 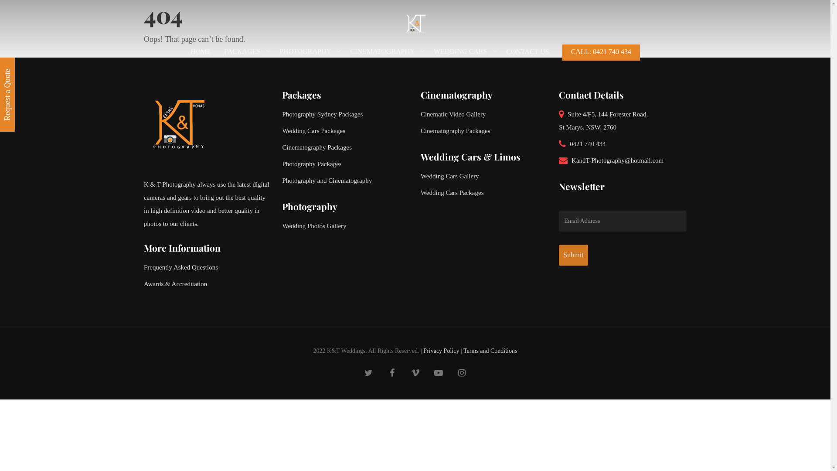 What do you see at coordinates (441, 350) in the screenshot?
I see `'Privacy Policy'` at bounding box center [441, 350].